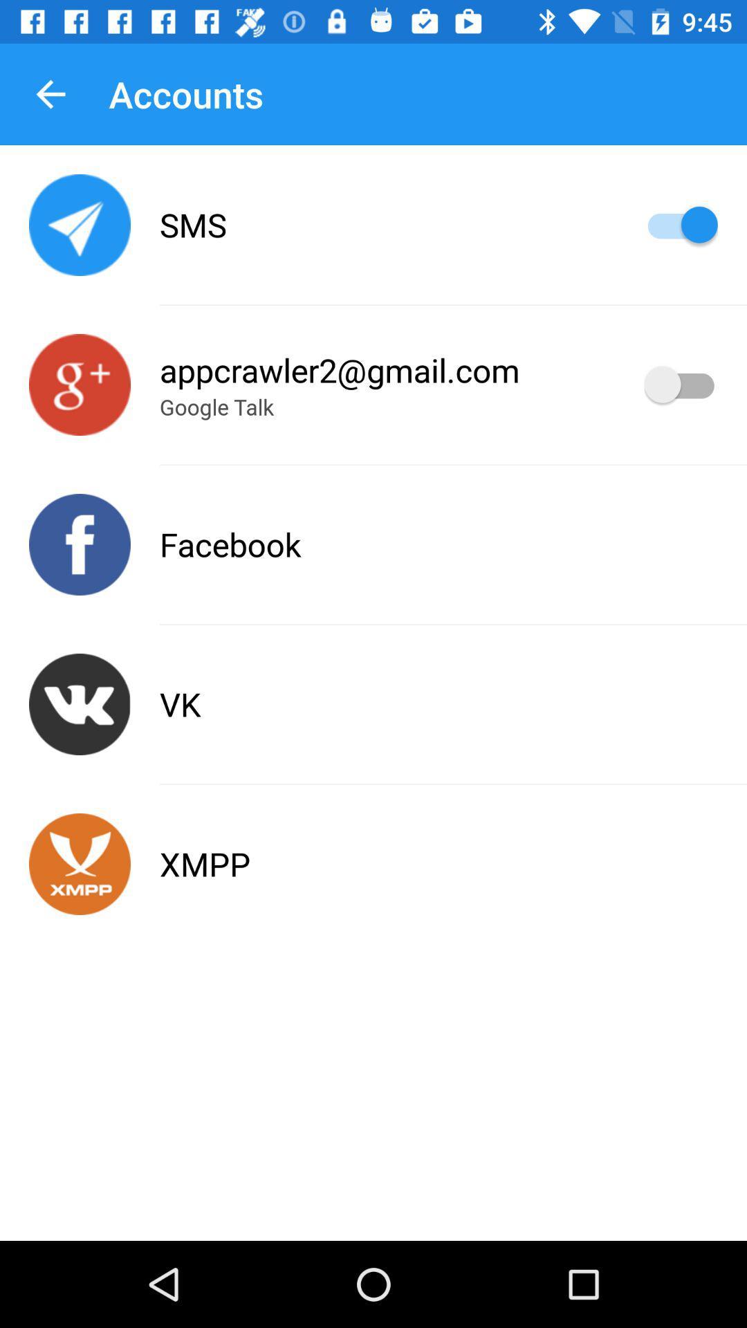 The image size is (747, 1328). Describe the element at coordinates (80, 544) in the screenshot. I see `facebook page` at that location.